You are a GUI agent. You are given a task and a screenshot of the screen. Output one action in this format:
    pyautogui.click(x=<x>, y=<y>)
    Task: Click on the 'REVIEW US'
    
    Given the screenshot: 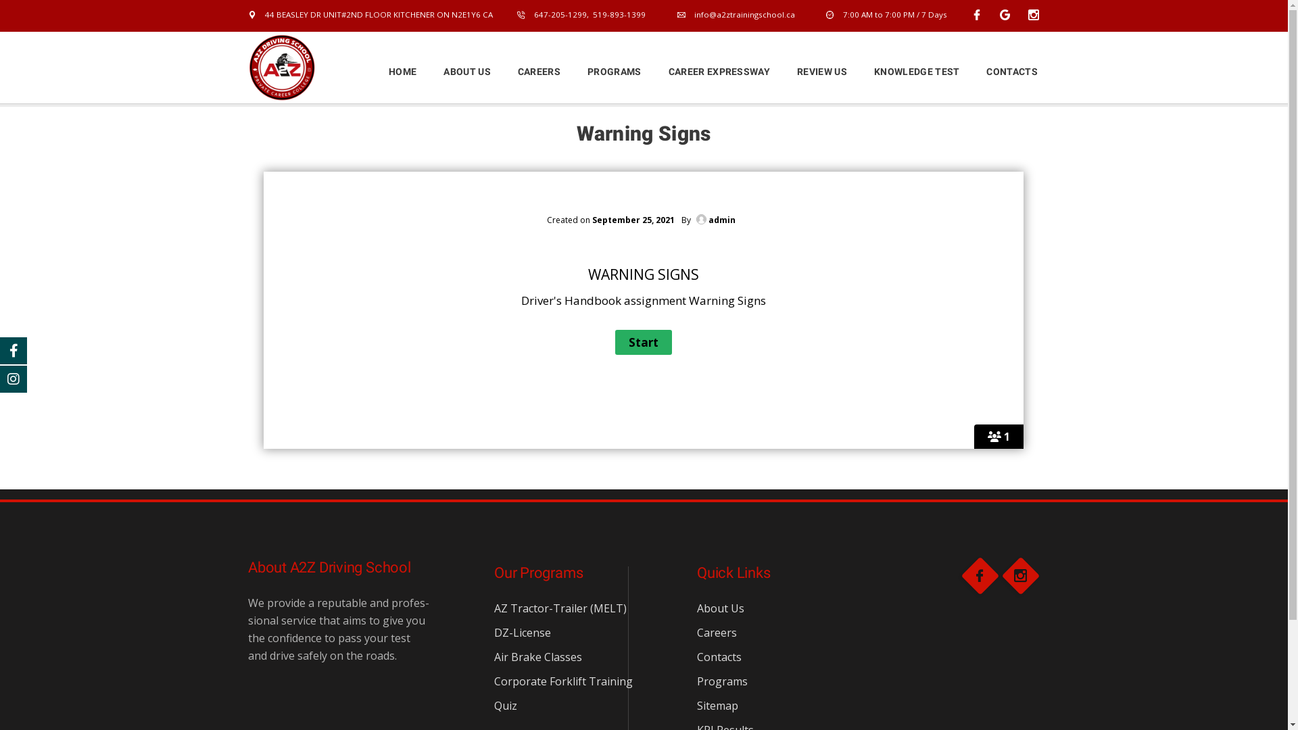 What is the action you would take?
    pyautogui.click(x=821, y=71)
    